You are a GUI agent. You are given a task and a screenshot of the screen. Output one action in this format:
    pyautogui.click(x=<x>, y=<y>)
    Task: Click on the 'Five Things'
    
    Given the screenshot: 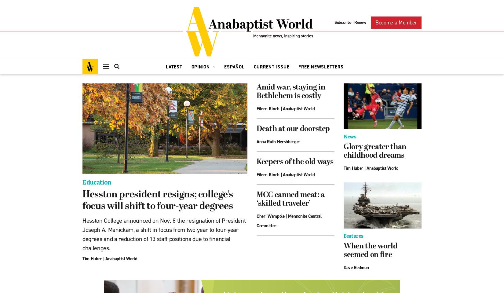 What is the action you would take?
    pyautogui.click(x=205, y=110)
    